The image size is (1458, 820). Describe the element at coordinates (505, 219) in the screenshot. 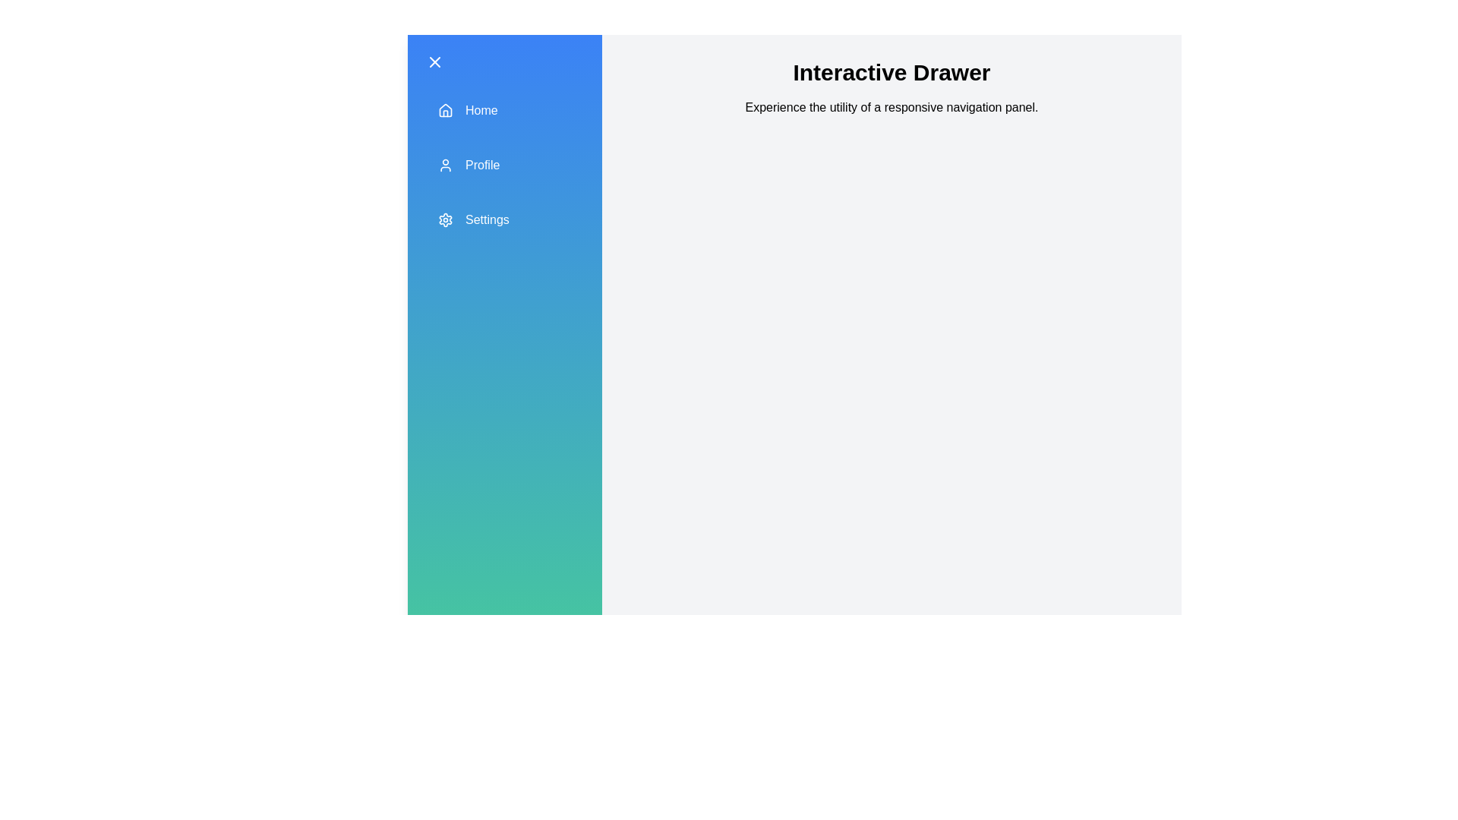

I see `the drawer item labeled Settings to observe the hover effect` at that location.